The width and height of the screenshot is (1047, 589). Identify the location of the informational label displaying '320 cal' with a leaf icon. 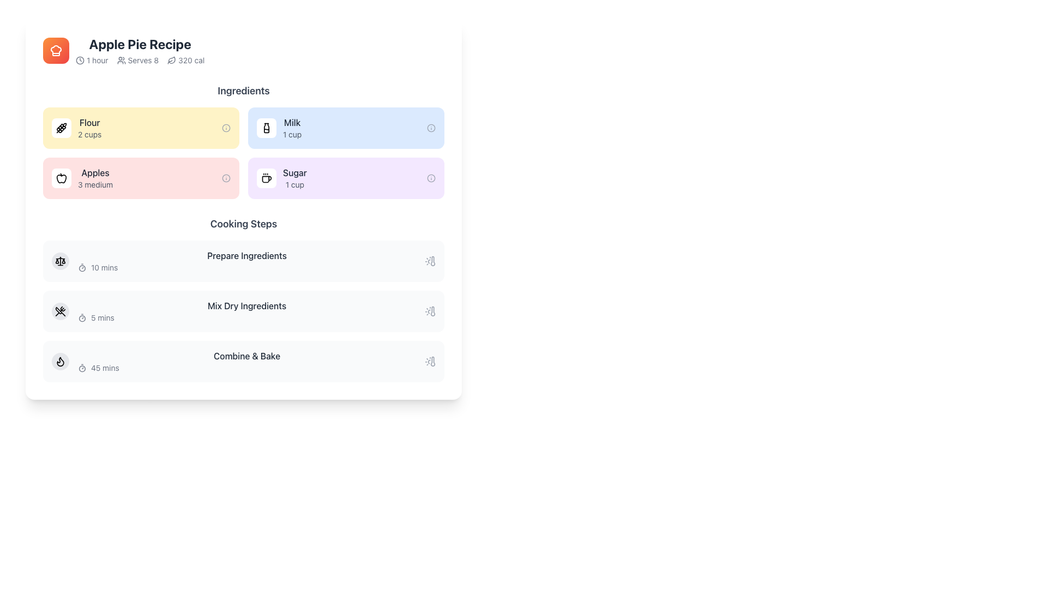
(186, 61).